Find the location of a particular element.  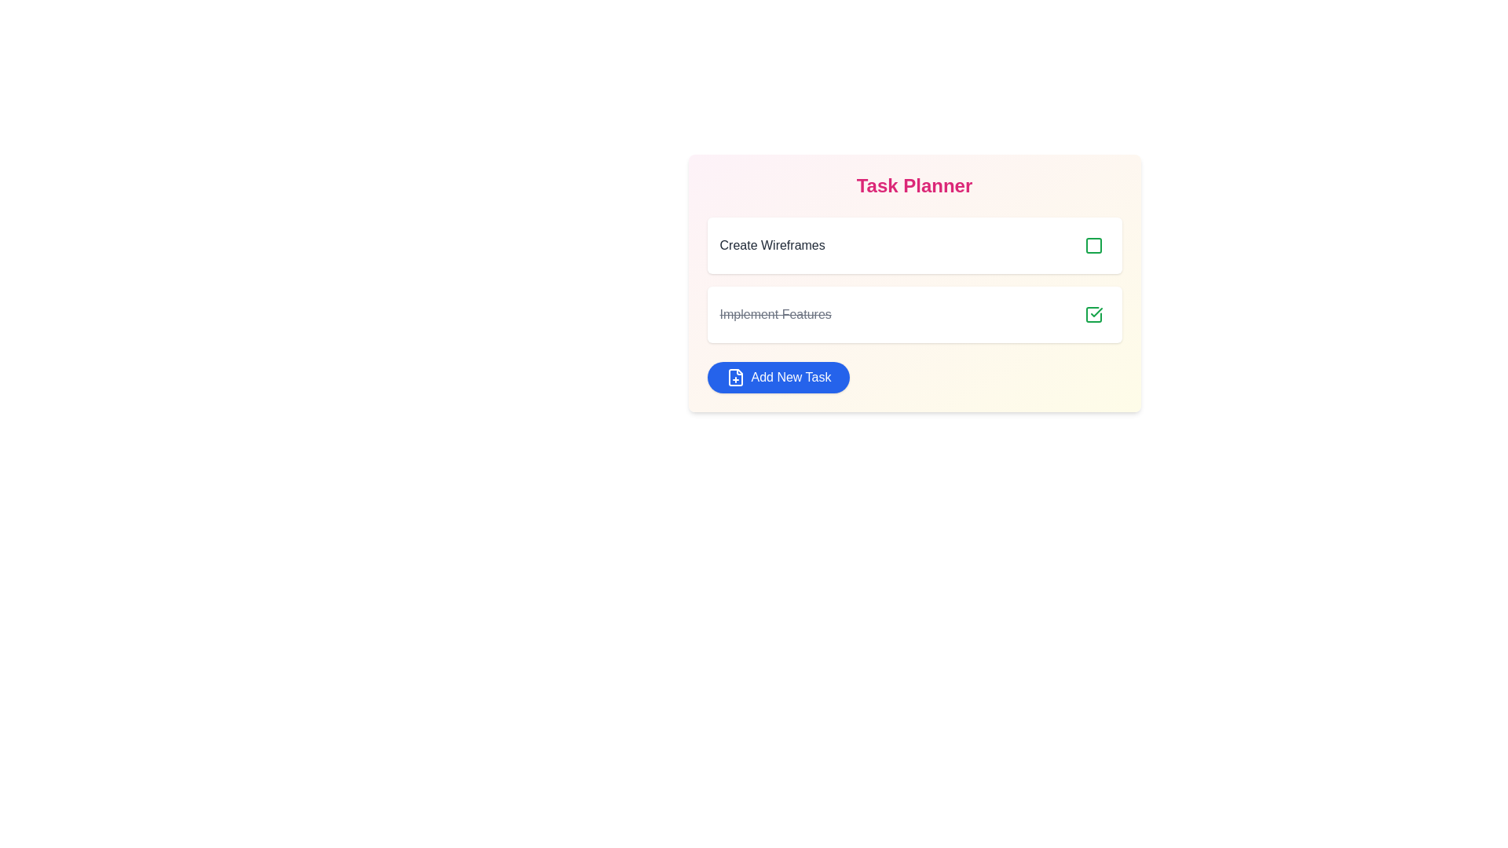

the list items in the 'Task Planner' card is located at coordinates (914, 283).